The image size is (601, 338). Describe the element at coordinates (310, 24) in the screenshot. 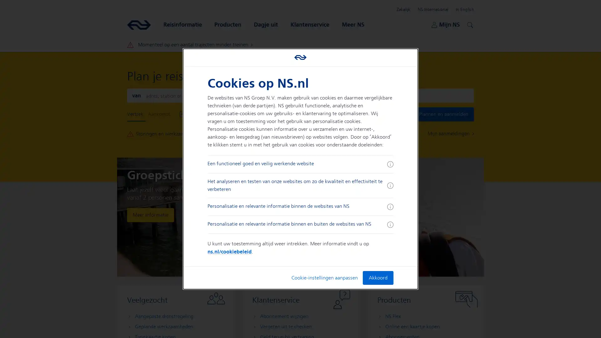

I see `Klantenservice Open submenu` at that location.